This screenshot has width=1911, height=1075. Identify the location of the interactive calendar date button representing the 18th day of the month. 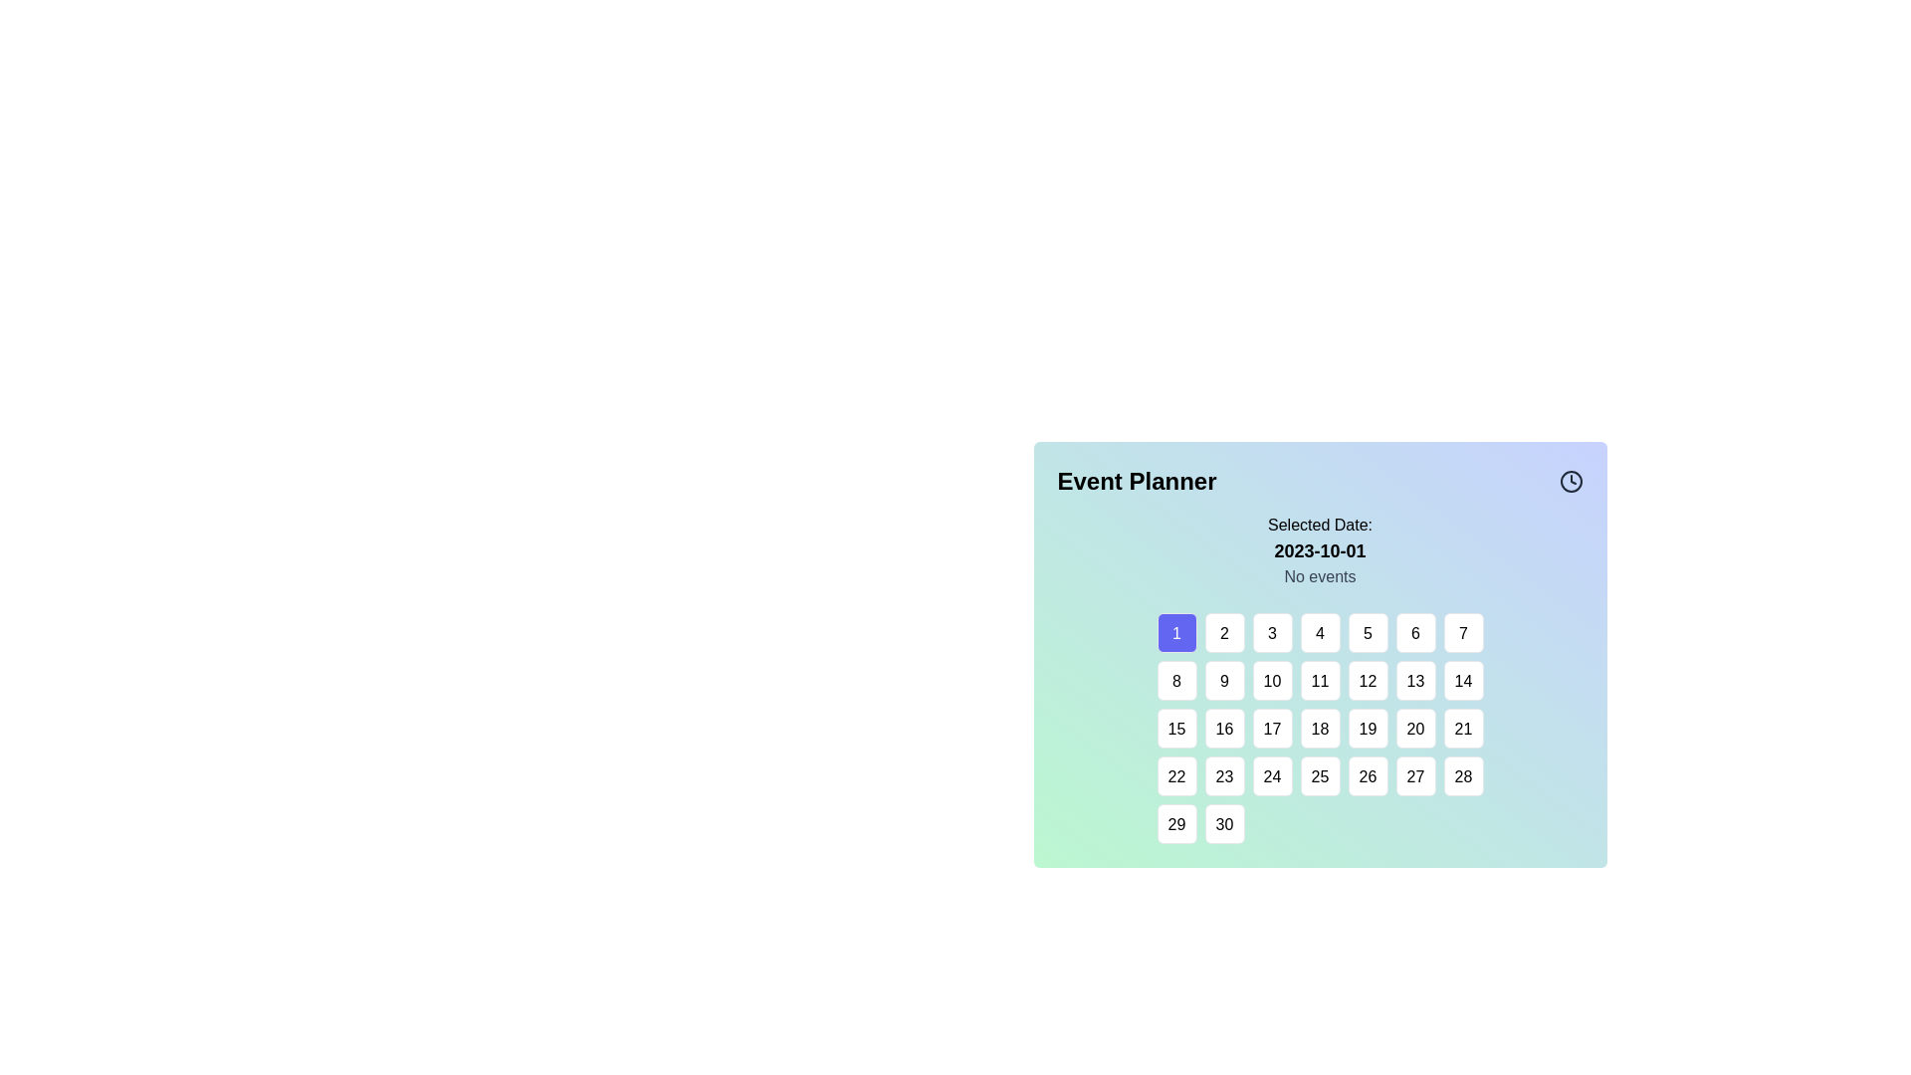
(1320, 729).